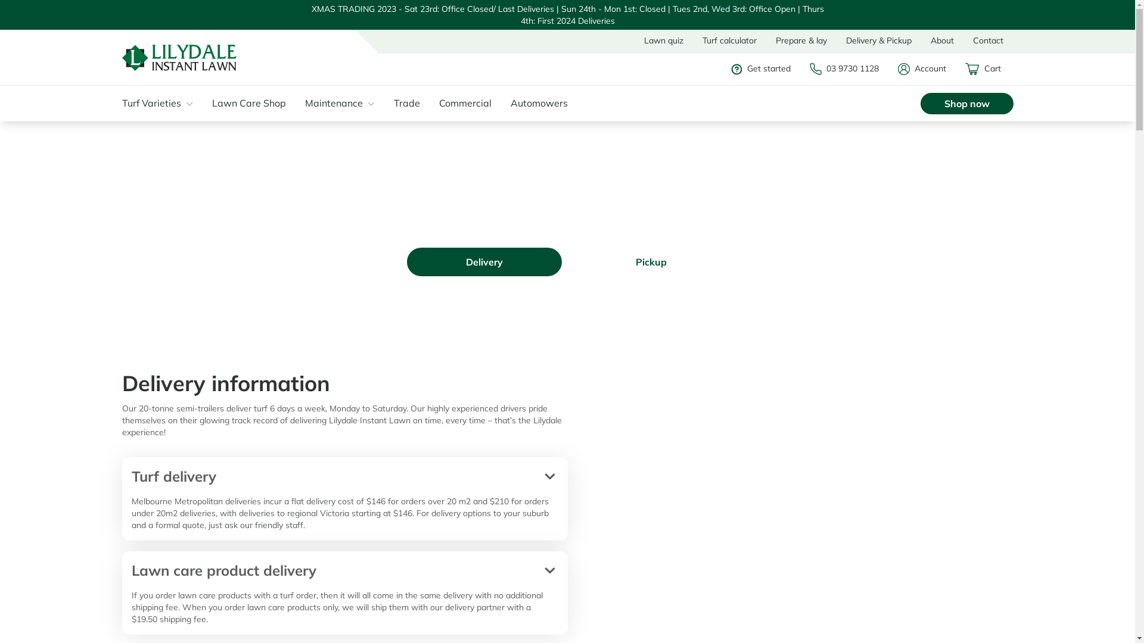 The width and height of the screenshot is (1144, 643). What do you see at coordinates (412, 102) in the screenshot?
I see `'Trade'` at bounding box center [412, 102].